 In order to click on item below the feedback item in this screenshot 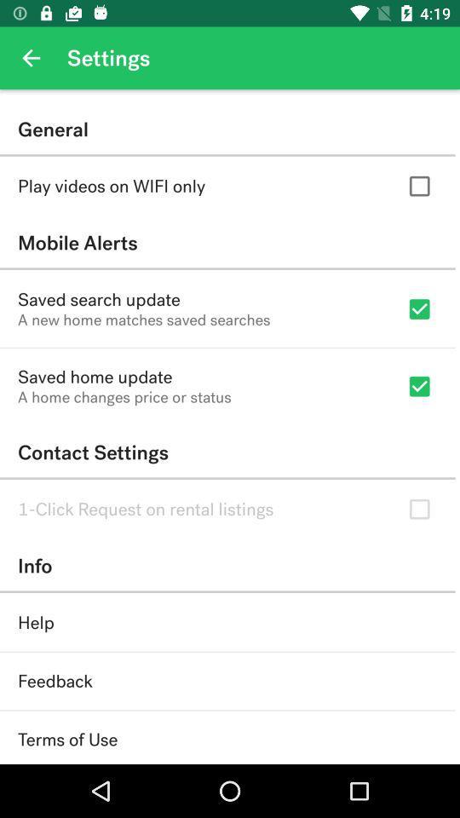, I will do `click(66, 739)`.